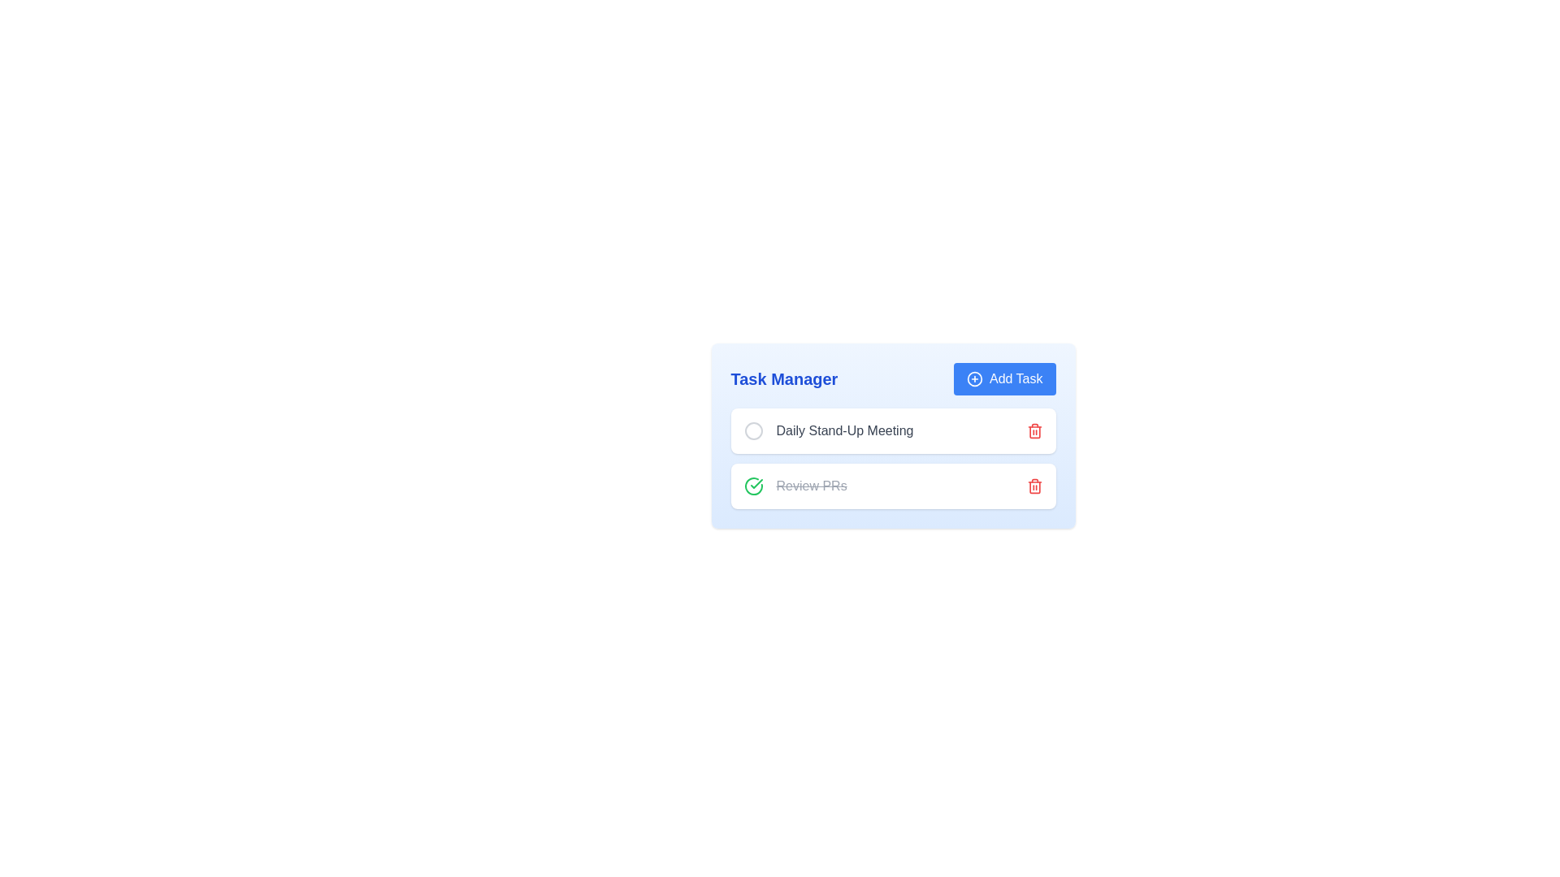 The image size is (1560, 877). Describe the element at coordinates (752, 430) in the screenshot. I see `the circular outline styled icon located before the task titled 'Daily Stand-Up Meeting' in the task manager interface` at that location.